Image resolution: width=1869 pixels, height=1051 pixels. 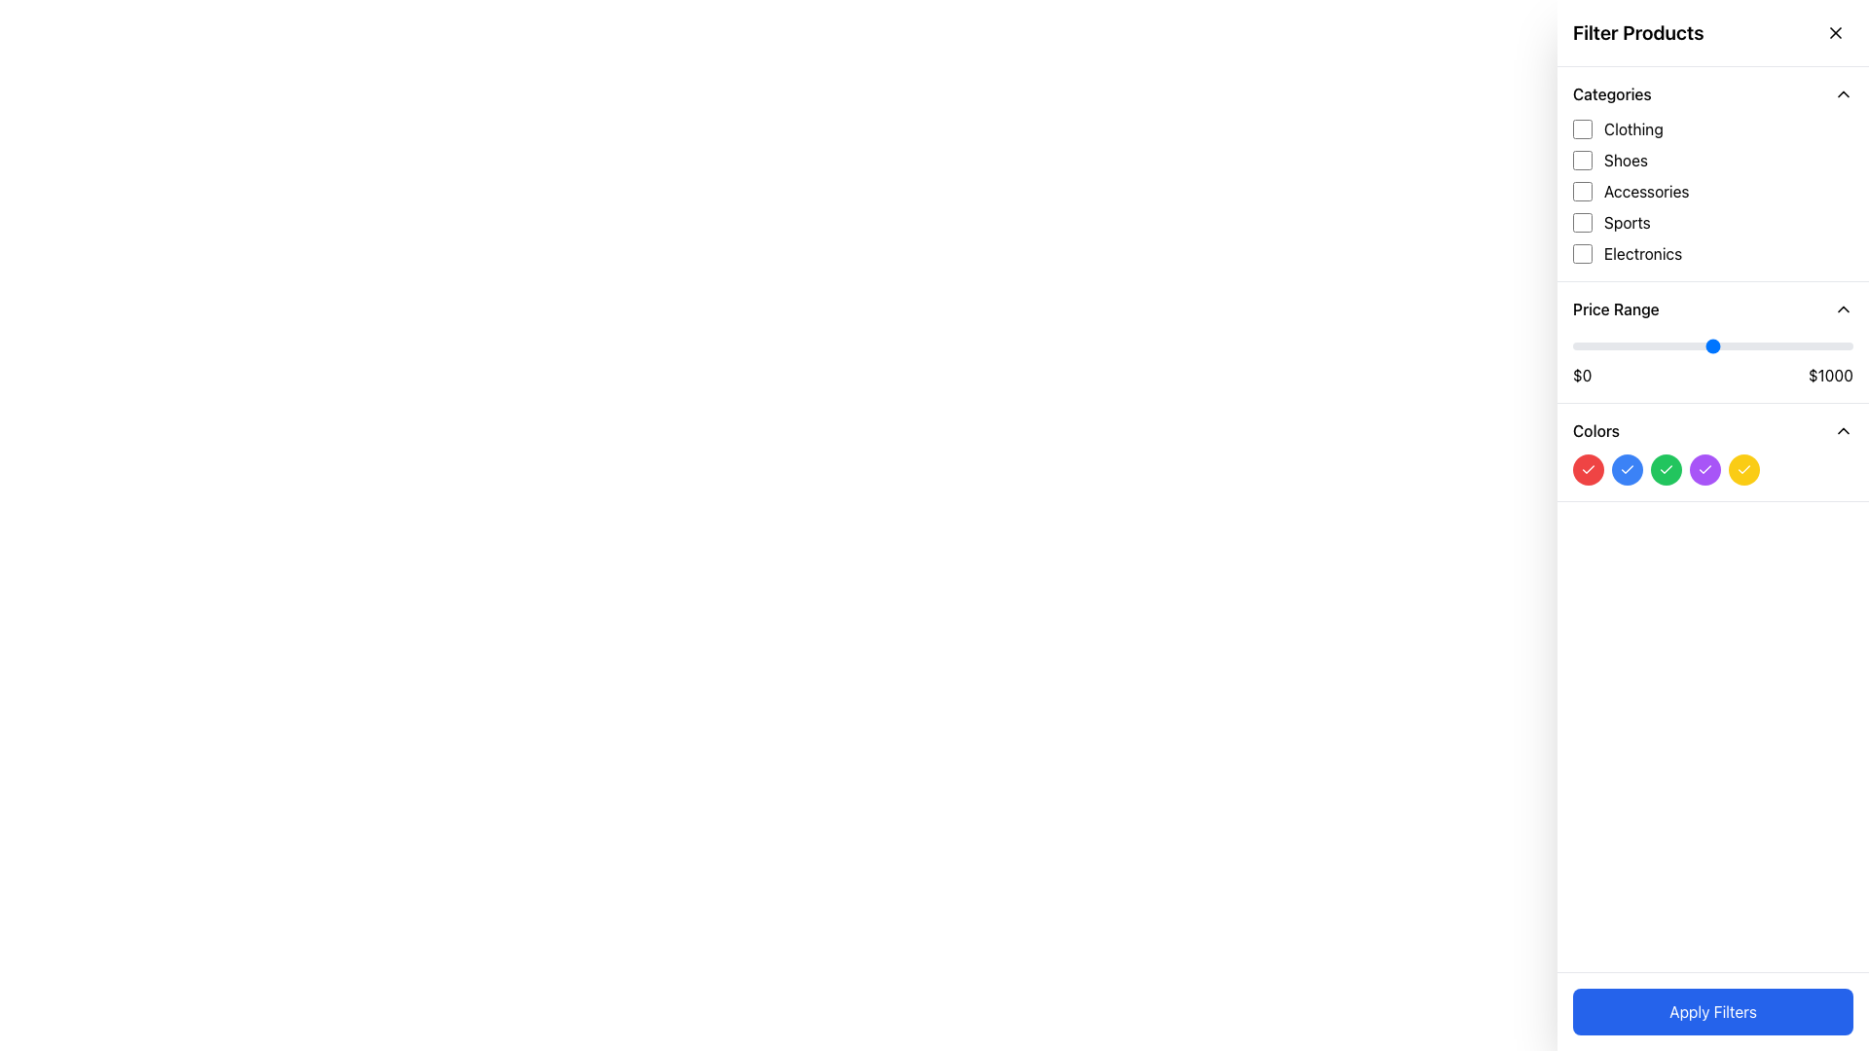 What do you see at coordinates (1704, 469) in the screenshot?
I see `the fifth button in the color selection row under the 'Colors' section` at bounding box center [1704, 469].